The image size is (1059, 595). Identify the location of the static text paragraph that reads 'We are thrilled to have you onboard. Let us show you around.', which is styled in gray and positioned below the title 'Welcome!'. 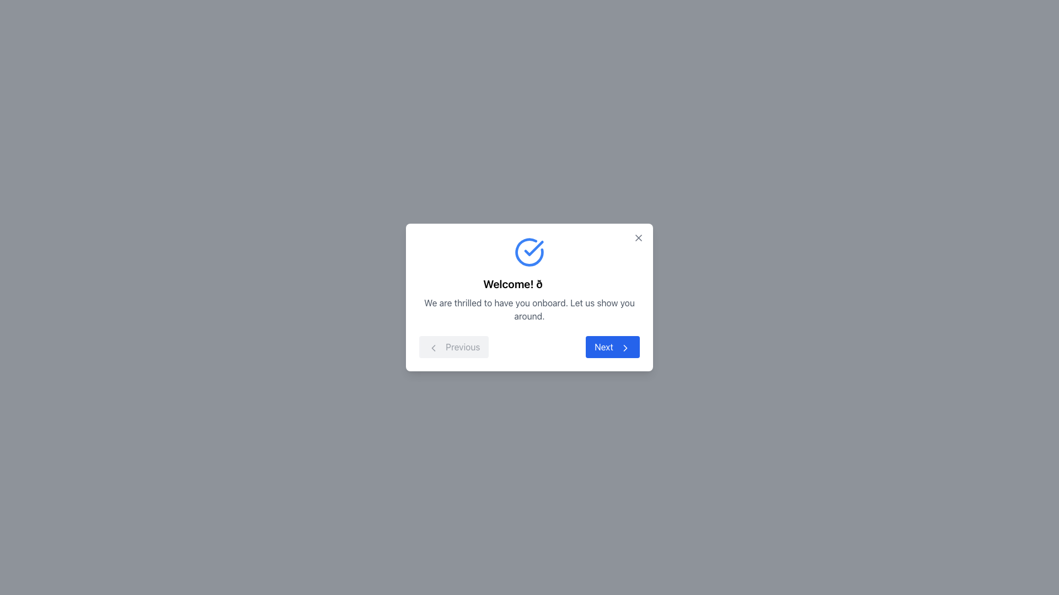
(529, 310).